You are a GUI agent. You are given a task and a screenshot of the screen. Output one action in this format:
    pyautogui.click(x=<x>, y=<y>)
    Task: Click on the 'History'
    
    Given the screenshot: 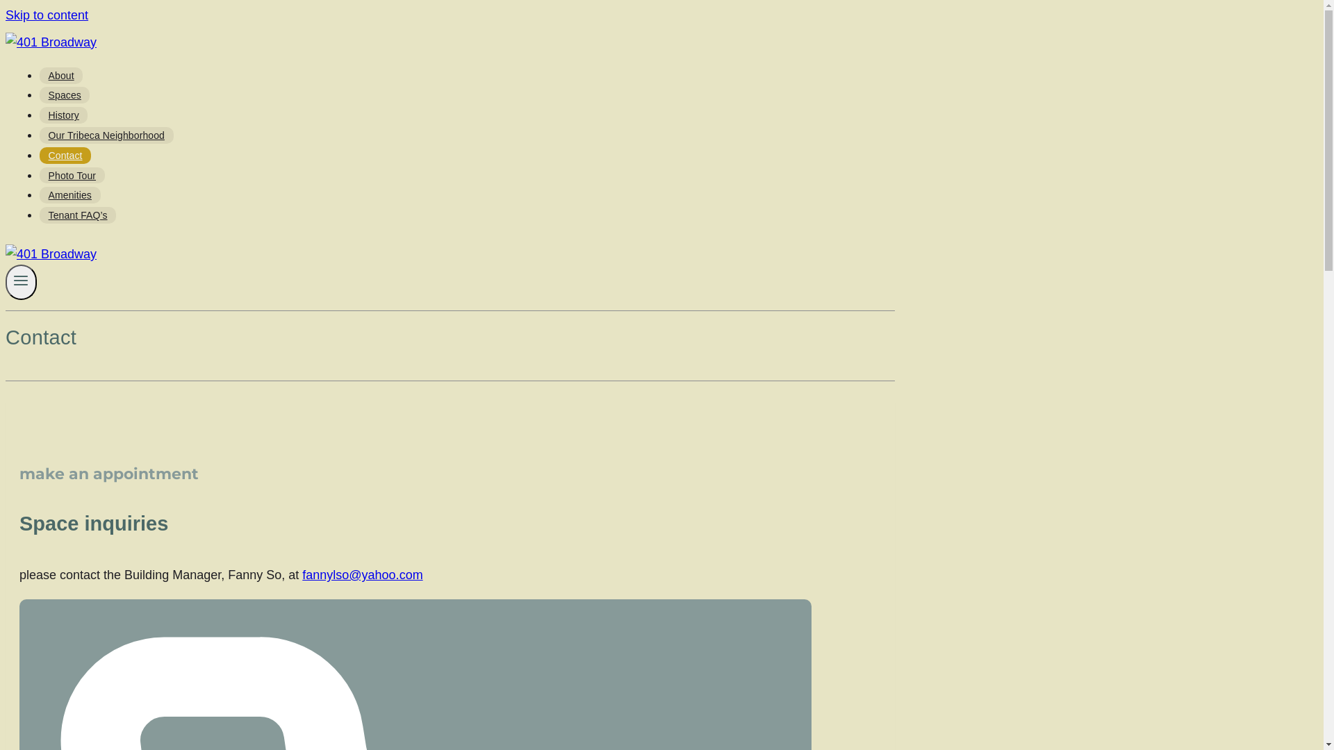 What is the action you would take?
    pyautogui.click(x=63, y=114)
    